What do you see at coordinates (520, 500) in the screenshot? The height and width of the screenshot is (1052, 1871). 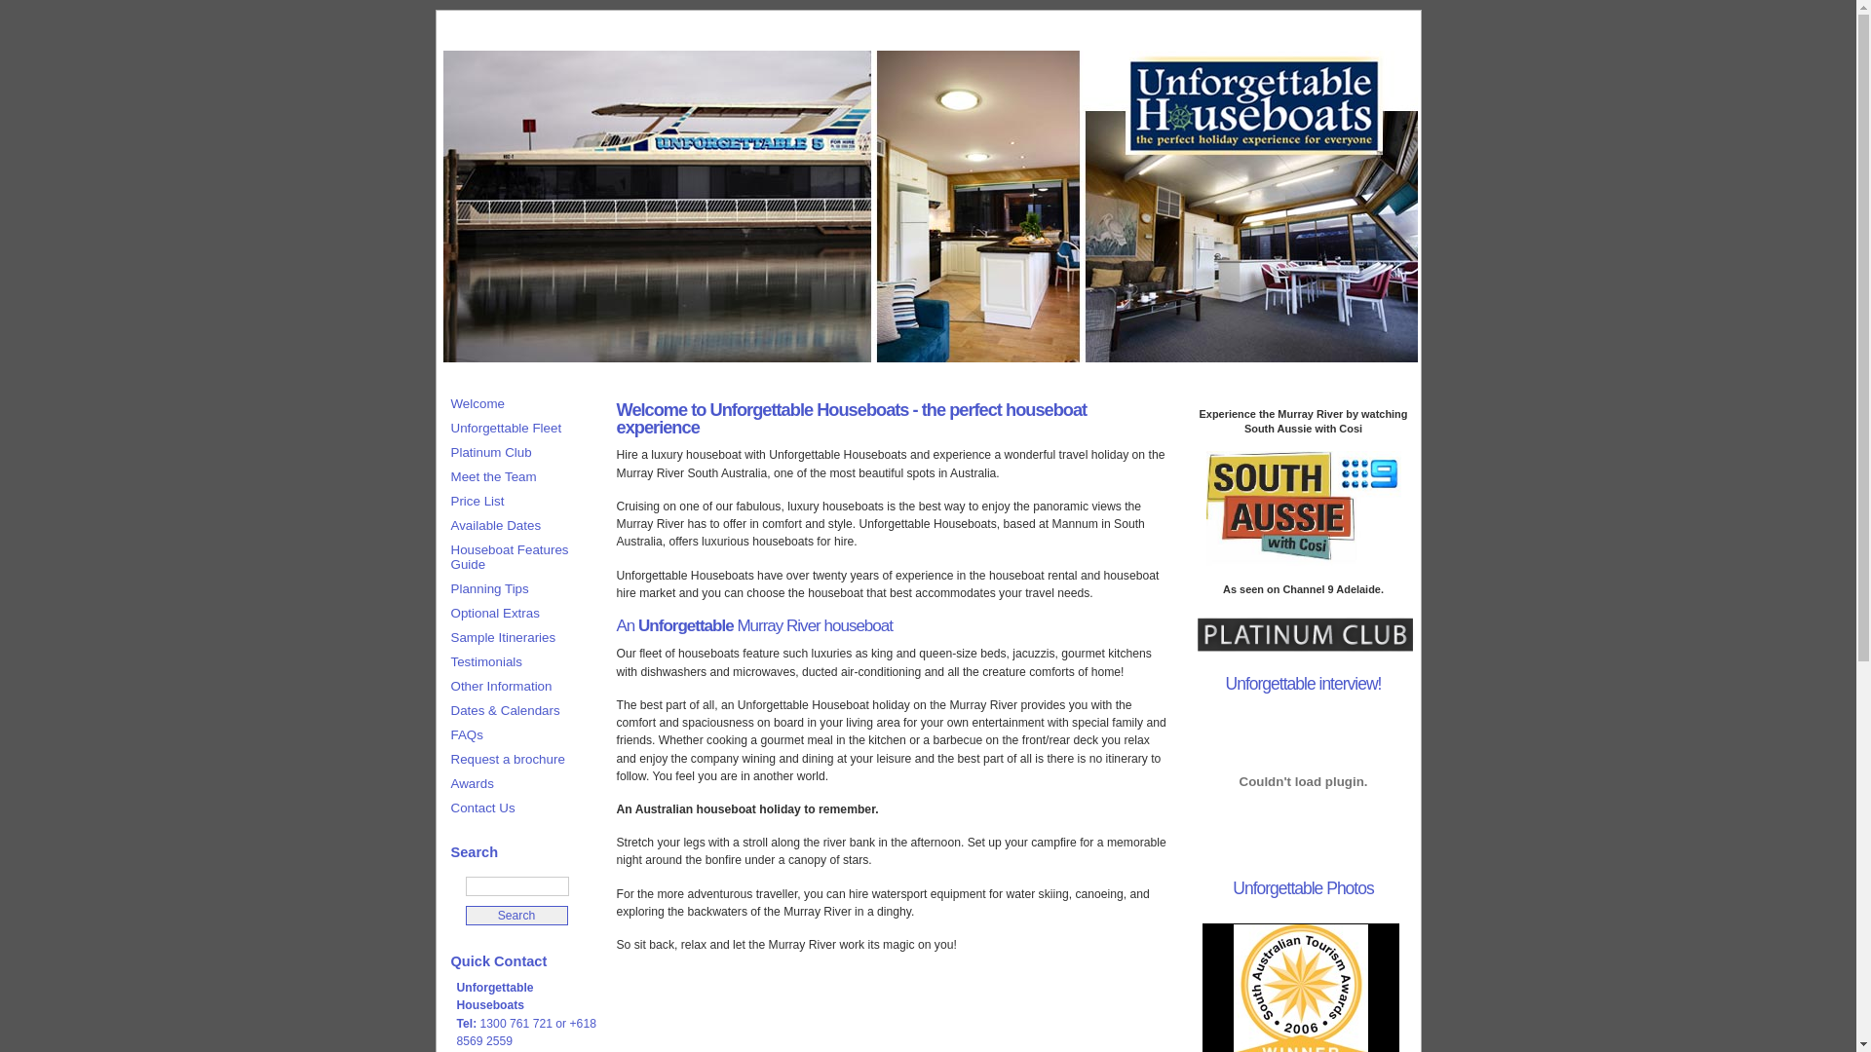 I see `'Price List'` at bounding box center [520, 500].